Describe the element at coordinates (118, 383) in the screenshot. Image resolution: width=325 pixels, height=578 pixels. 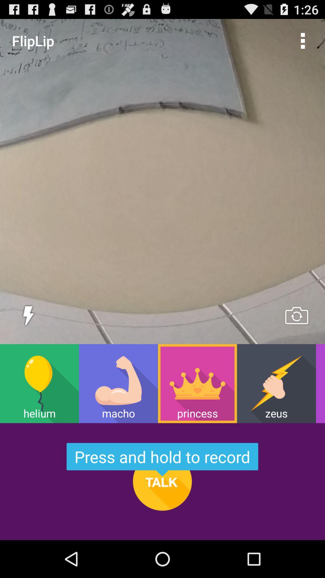
I see `icon next to helium` at that location.